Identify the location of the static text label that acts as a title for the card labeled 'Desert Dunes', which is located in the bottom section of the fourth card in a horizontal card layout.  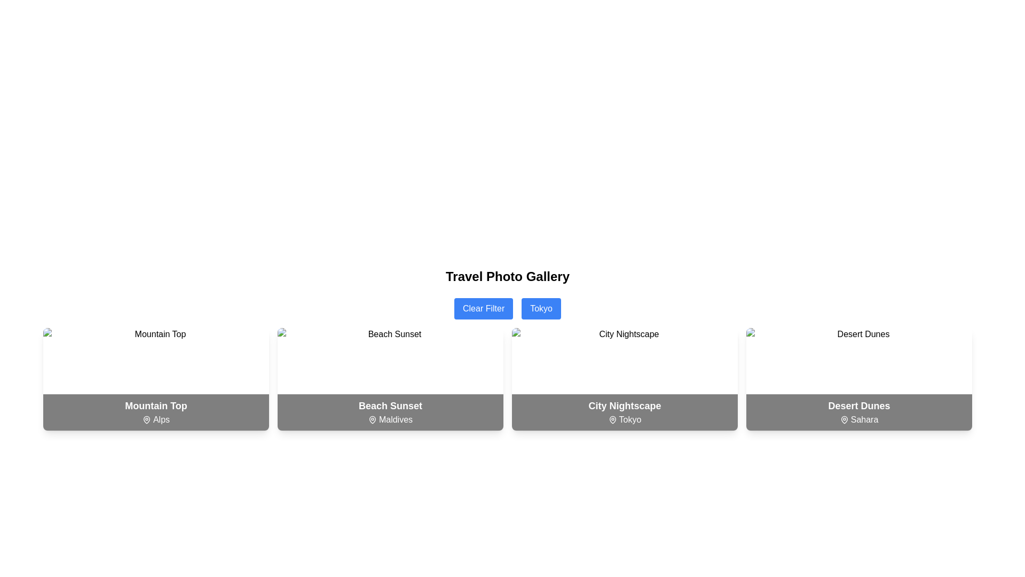
(859, 406).